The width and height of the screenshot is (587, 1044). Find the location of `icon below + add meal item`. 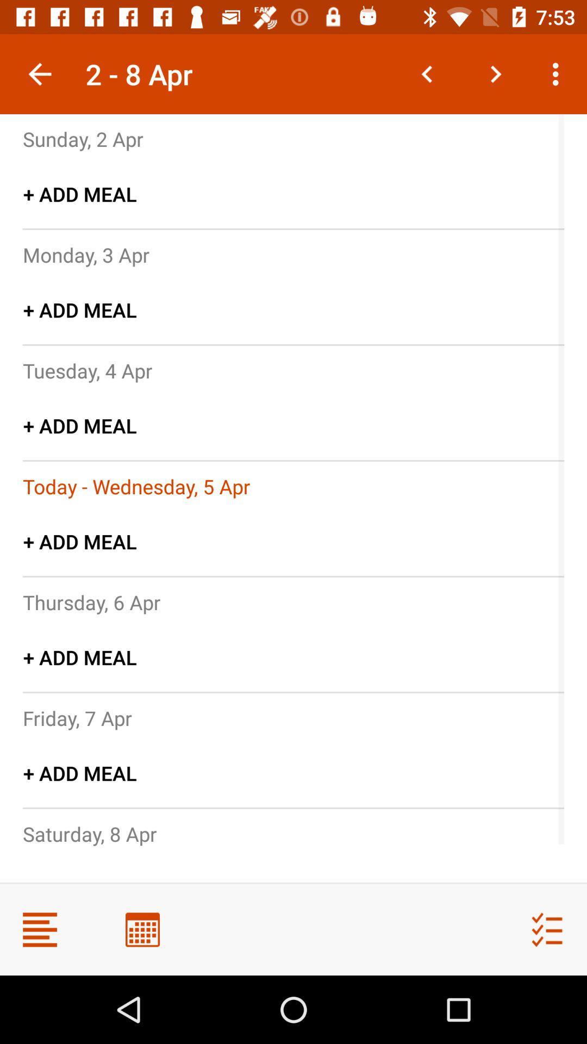

icon below + add meal item is located at coordinates (87, 370).